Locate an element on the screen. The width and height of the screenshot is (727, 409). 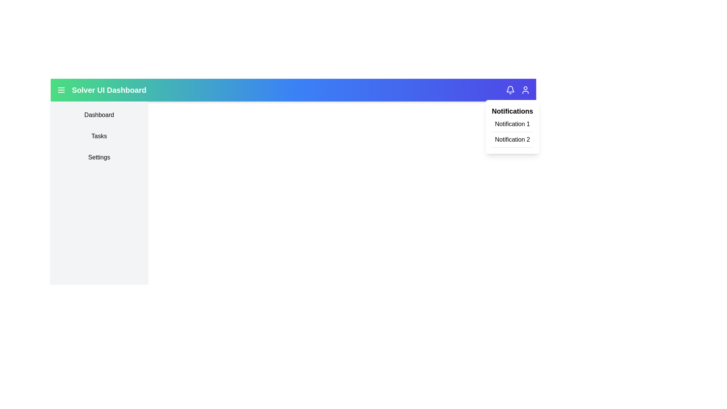
the horizontally rectangular button labeled 'Tasks' with a light gray background is located at coordinates (99, 136).